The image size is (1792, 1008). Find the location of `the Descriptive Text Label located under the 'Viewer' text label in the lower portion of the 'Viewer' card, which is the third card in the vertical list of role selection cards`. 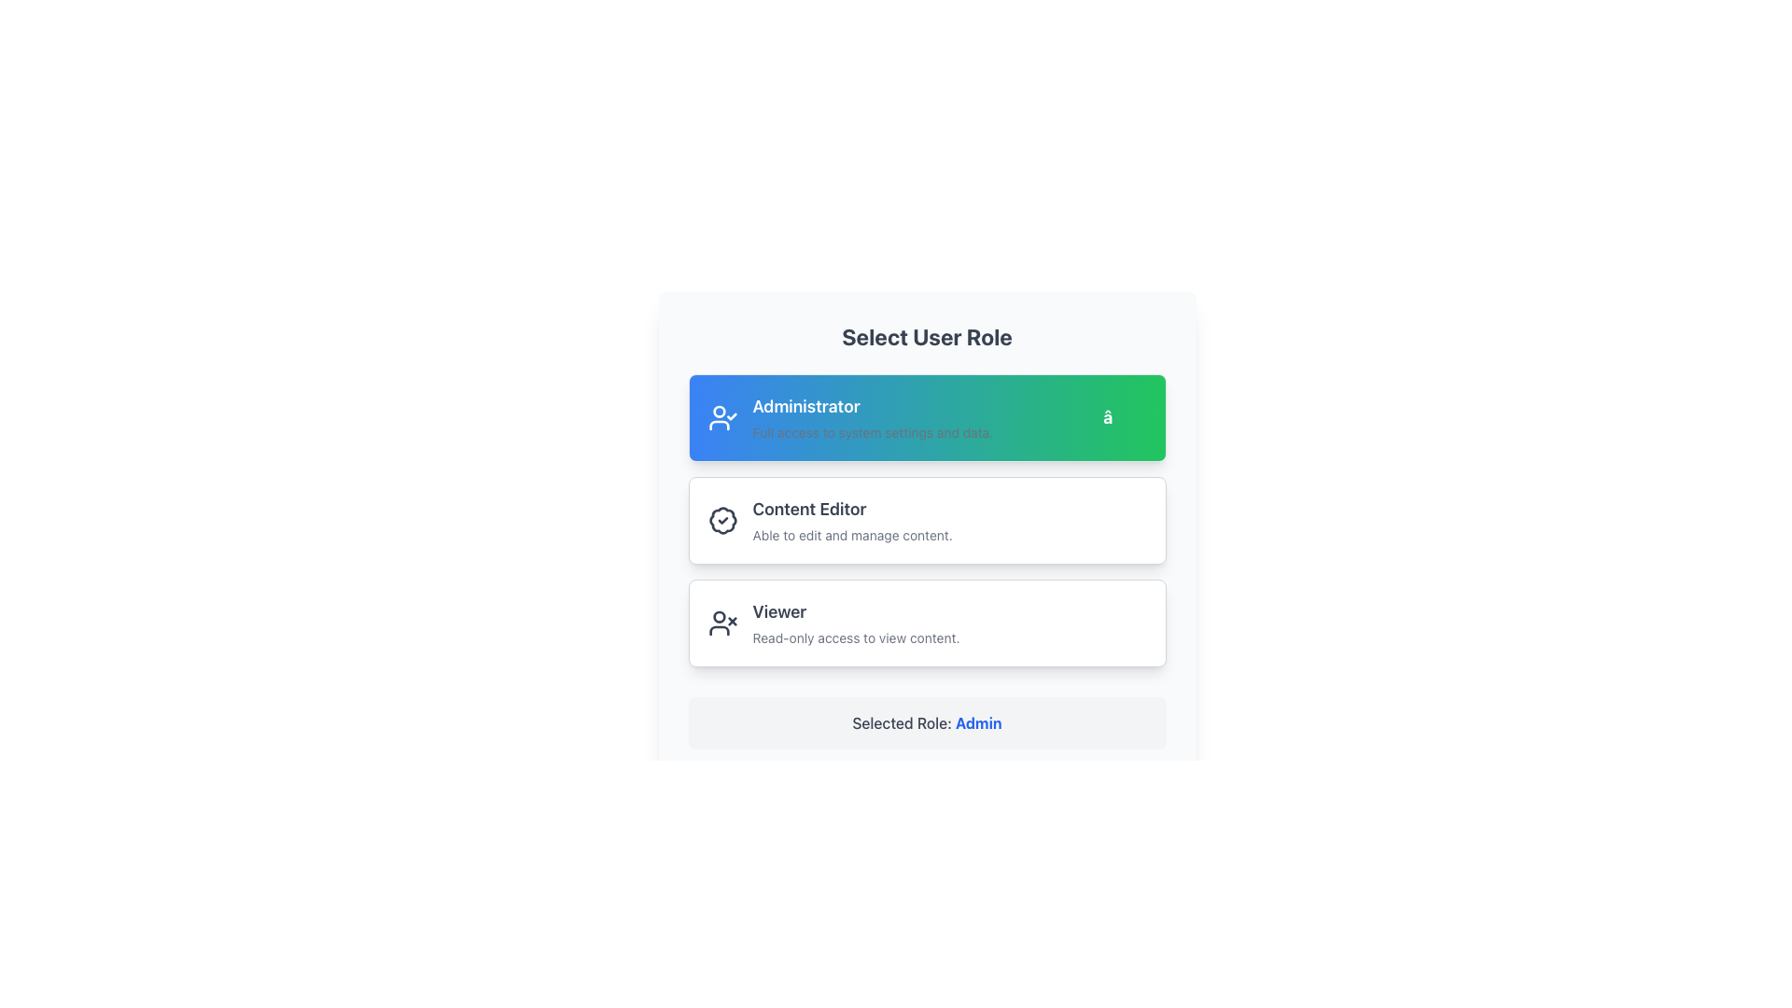

the Descriptive Text Label located under the 'Viewer' text label in the lower portion of the 'Viewer' card, which is the third card in the vertical list of role selection cards is located at coordinates (949, 637).